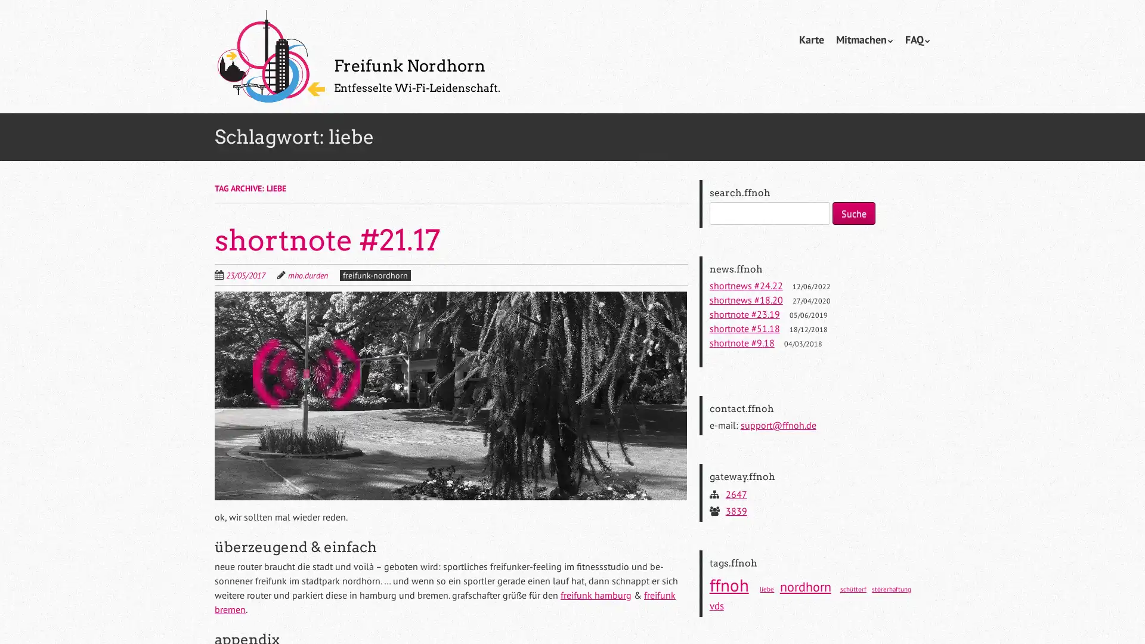 This screenshot has width=1145, height=644. I want to click on Suche, so click(852, 213).